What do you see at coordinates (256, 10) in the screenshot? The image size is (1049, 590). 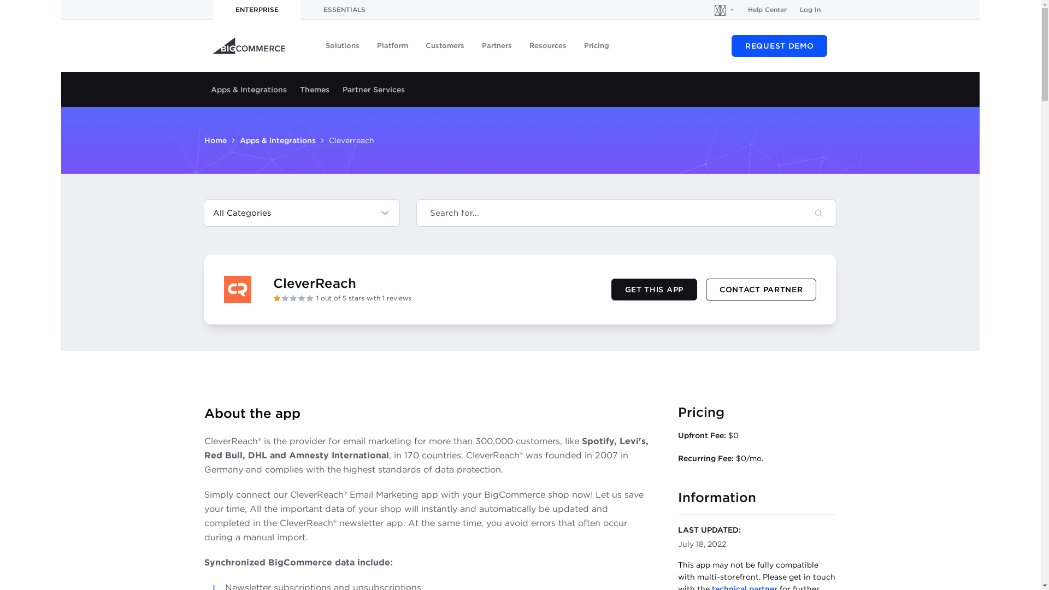 I see `'ENTERPRISE'` at bounding box center [256, 10].